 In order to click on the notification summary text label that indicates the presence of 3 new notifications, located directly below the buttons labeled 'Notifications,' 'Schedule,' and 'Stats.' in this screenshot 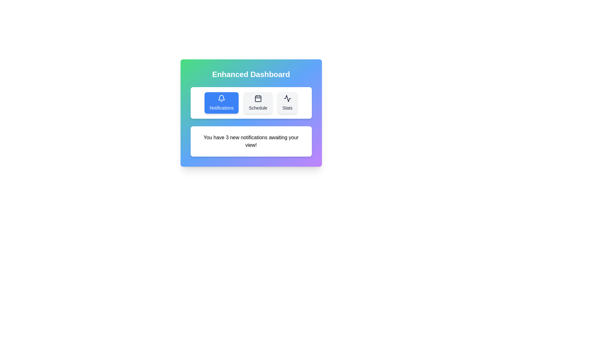, I will do `click(251, 141)`.